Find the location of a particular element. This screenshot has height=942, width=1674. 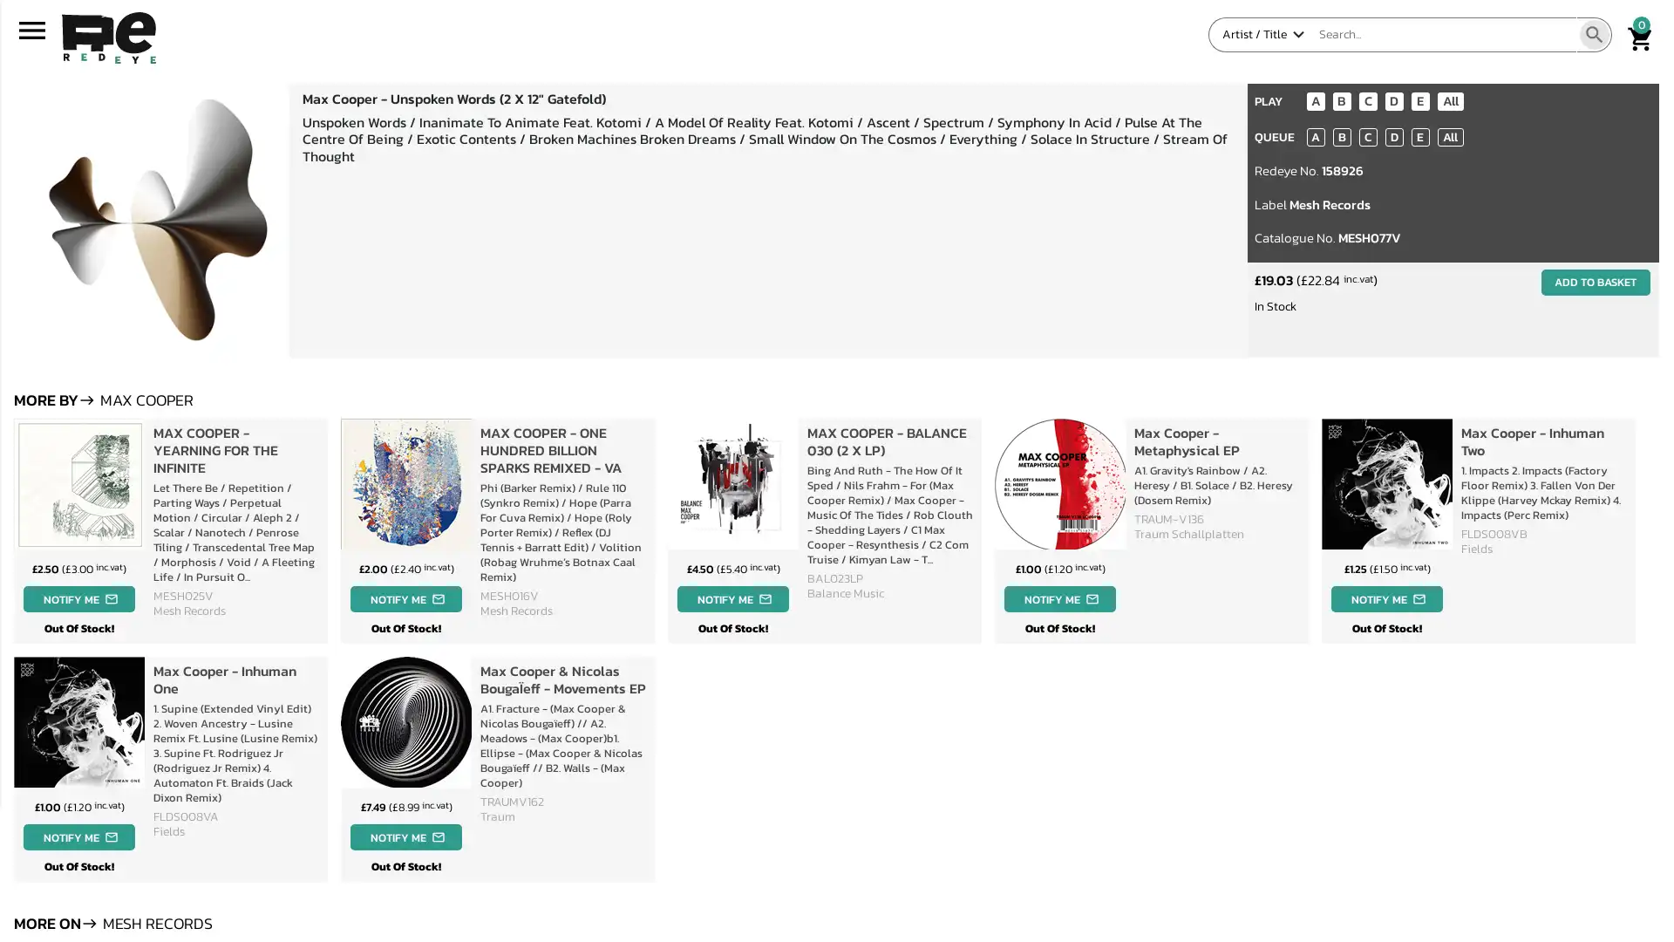

NOTIFY ME mail_outline is located at coordinates (405, 836).